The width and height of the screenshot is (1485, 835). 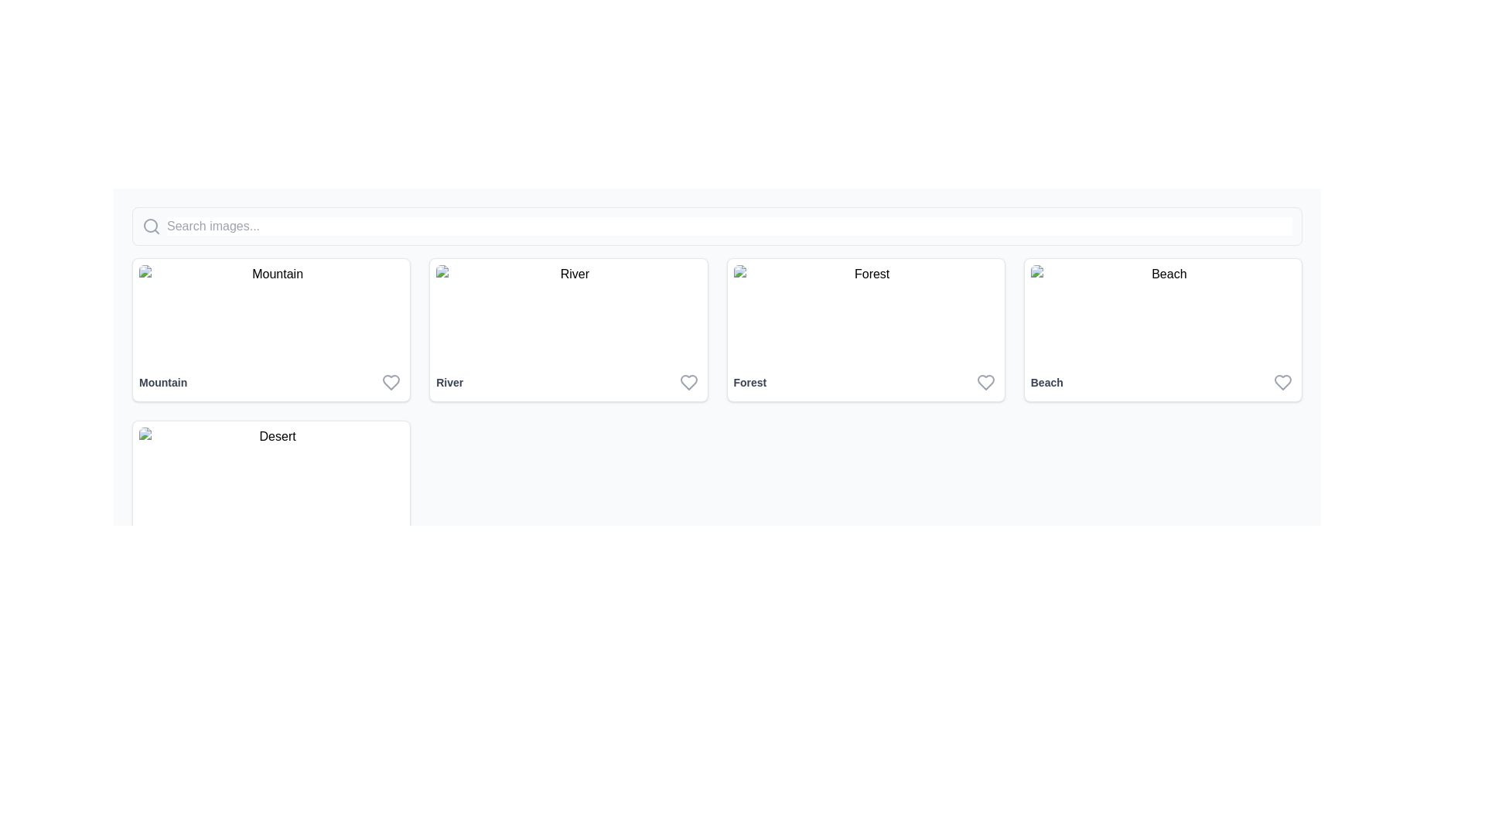 I want to click on the interactive card labeled 'River', which is a white rectangular card with rounded corners containing the word 'River' in bold at the top, so click(x=568, y=329).